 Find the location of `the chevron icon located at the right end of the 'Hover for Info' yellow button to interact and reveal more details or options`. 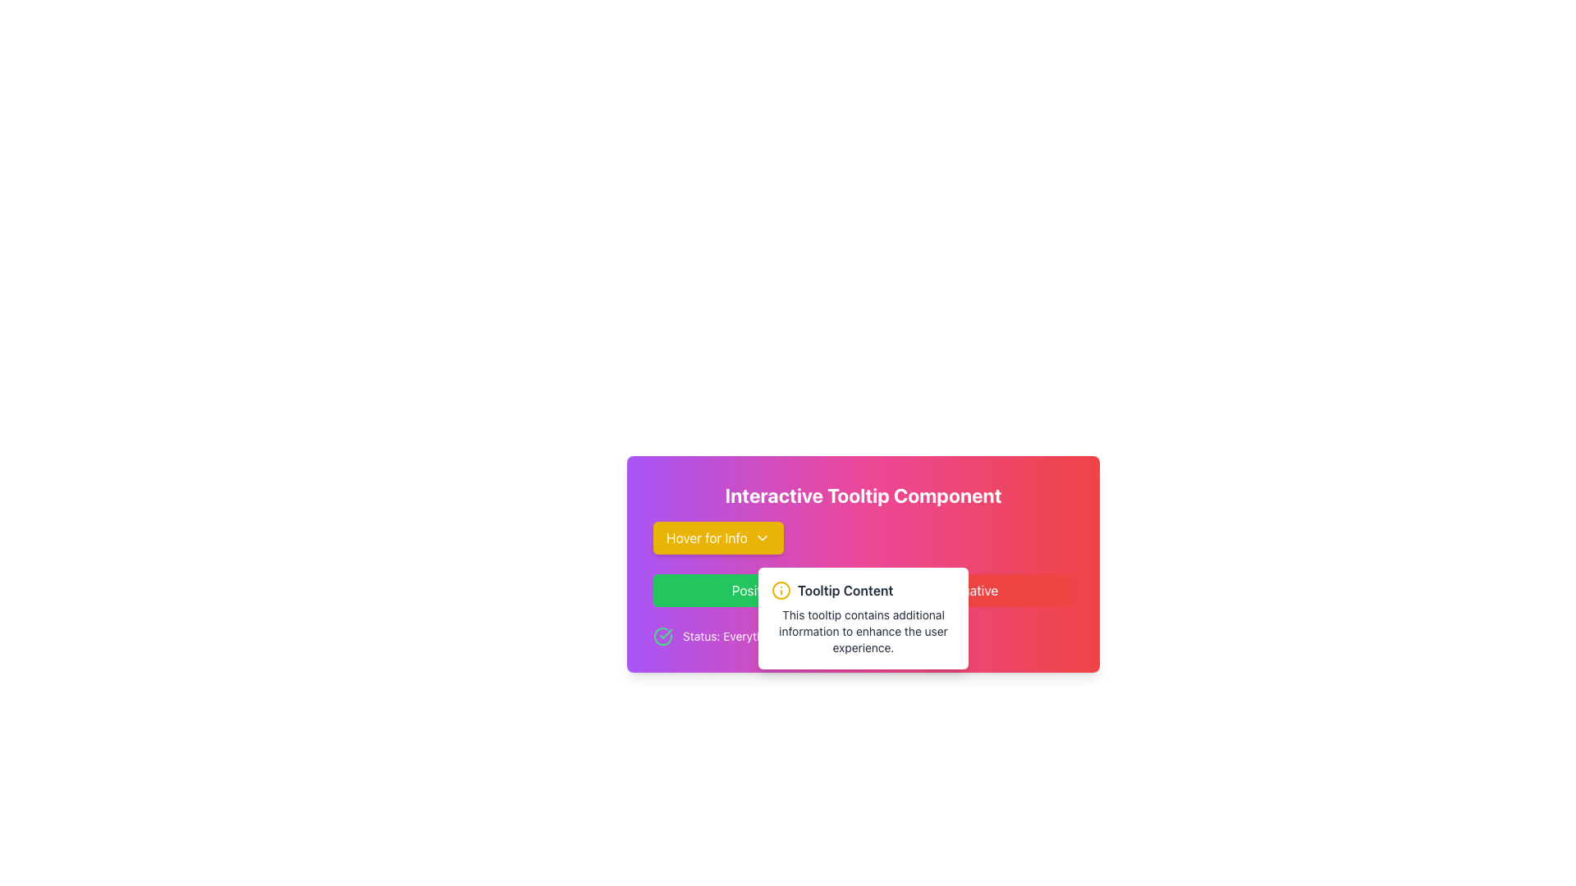

the chevron icon located at the right end of the 'Hover for Info' yellow button to interact and reveal more details or options is located at coordinates (761, 537).